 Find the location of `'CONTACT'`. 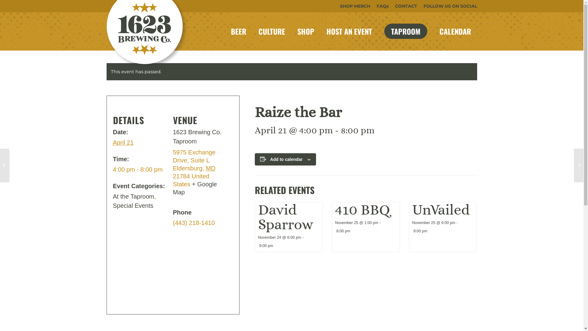

'CONTACT' is located at coordinates (406, 6).